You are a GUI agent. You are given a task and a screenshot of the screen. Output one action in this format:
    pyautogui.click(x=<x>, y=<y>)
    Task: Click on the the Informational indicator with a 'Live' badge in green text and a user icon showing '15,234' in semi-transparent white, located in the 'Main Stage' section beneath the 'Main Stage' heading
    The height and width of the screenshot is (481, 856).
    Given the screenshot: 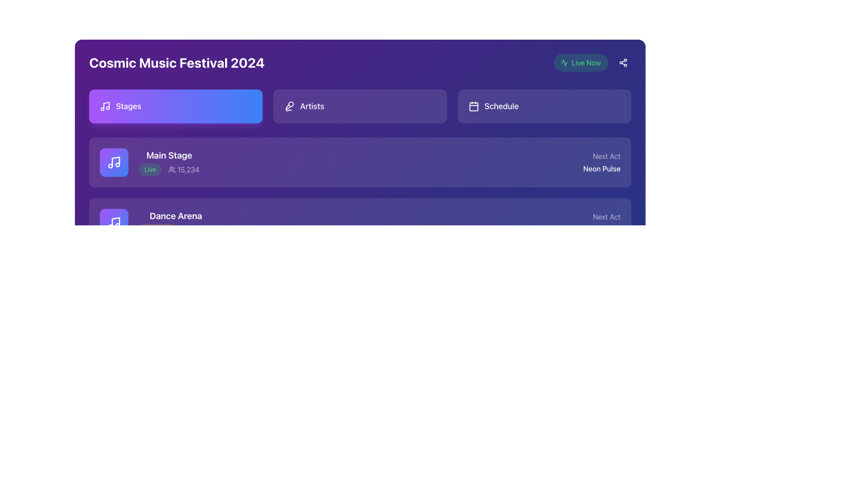 What is the action you would take?
    pyautogui.click(x=169, y=170)
    